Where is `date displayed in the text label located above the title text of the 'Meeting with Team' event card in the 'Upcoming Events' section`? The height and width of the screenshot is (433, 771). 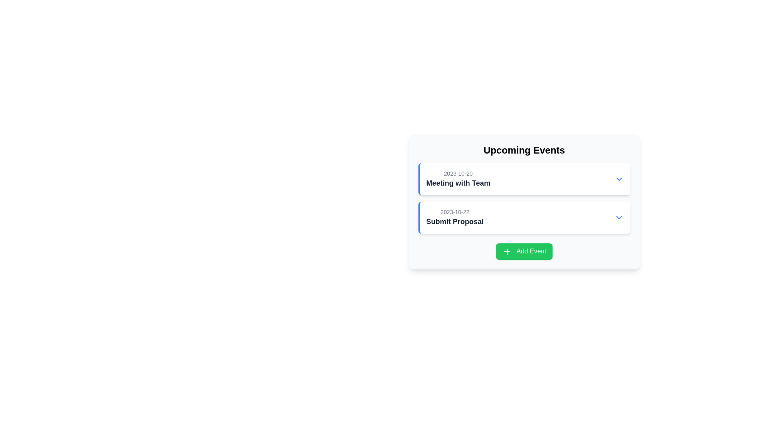
date displayed in the text label located above the title text of the 'Meeting with Team' event card in the 'Upcoming Events' section is located at coordinates (458, 173).